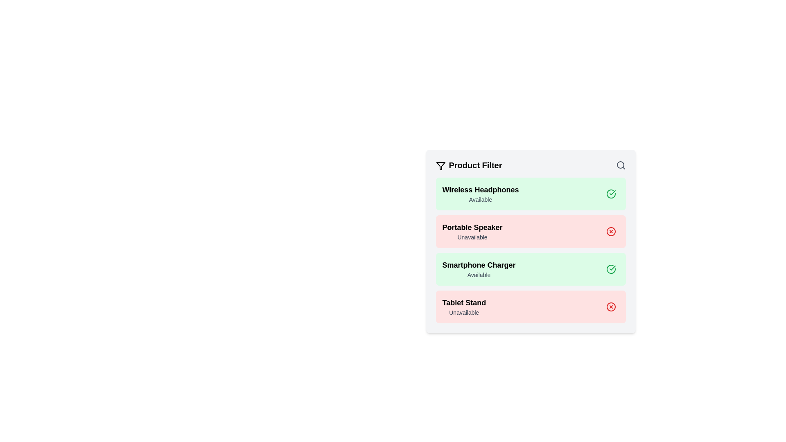 This screenshot has height=442, width=786. I want to click on the second item in the product listing under the title 'Product Filter', which specifies the item's name and availability status, so click(531, 250).